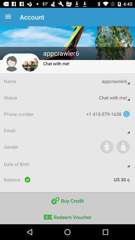  What do you see at coordinates (67, 201) in the screenshot?
I see `the item above the redeem voucher item` at bounding box center [67, 201].